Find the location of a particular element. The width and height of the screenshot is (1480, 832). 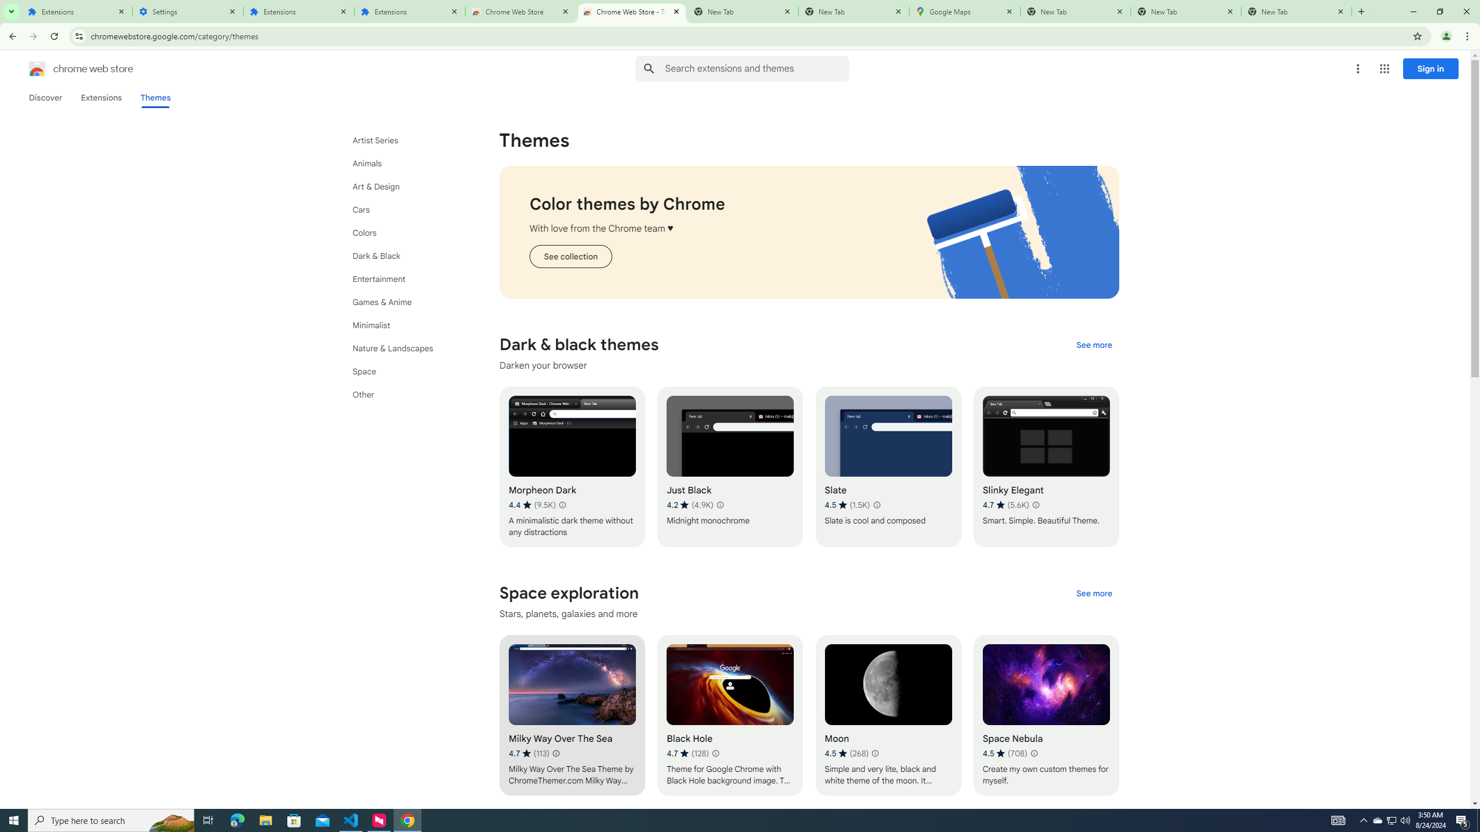

'Learn more about results and reviews "Moon"' is located at coordinates (875, 752).